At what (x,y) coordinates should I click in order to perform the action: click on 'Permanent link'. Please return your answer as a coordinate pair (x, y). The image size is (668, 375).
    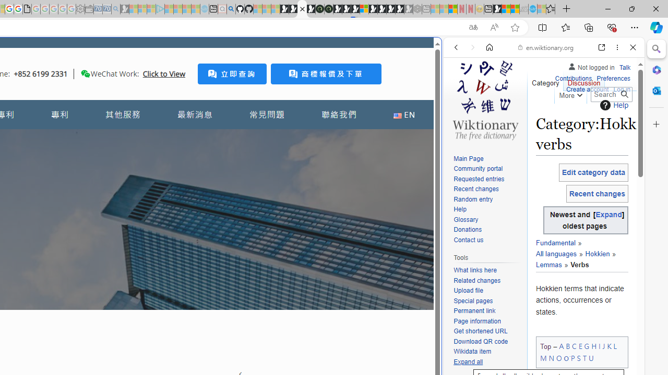
    Looking at the image, I should click on (487, 310).